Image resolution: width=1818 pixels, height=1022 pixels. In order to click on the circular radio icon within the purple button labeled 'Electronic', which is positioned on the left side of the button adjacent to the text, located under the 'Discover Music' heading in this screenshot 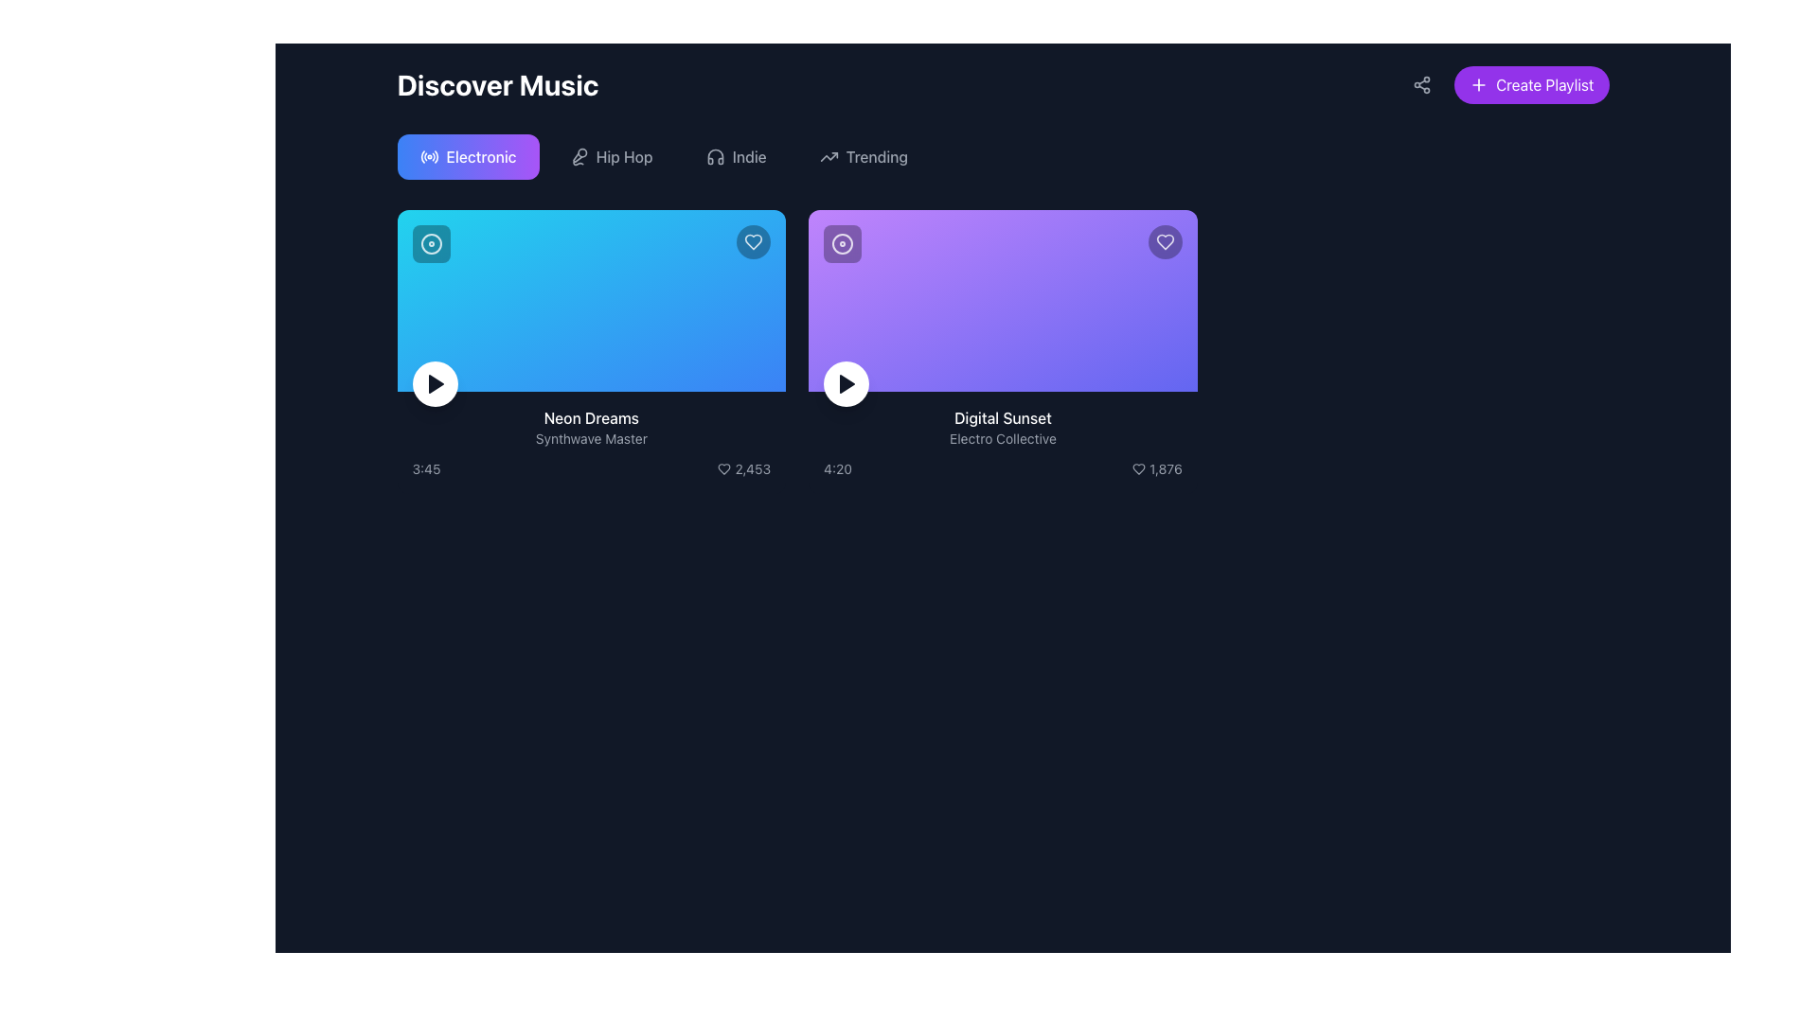, I will do `click(428, 155)`.